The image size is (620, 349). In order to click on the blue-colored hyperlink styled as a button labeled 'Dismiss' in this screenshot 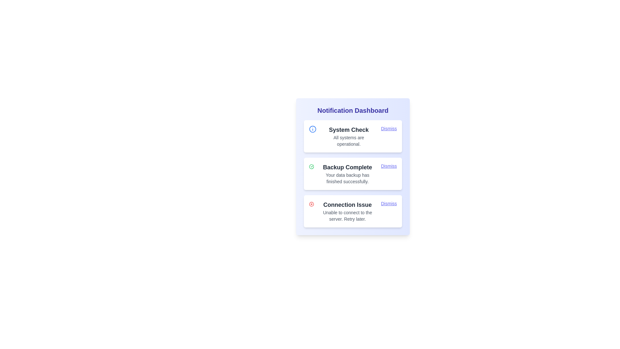, I will do `click(388, 203)`.